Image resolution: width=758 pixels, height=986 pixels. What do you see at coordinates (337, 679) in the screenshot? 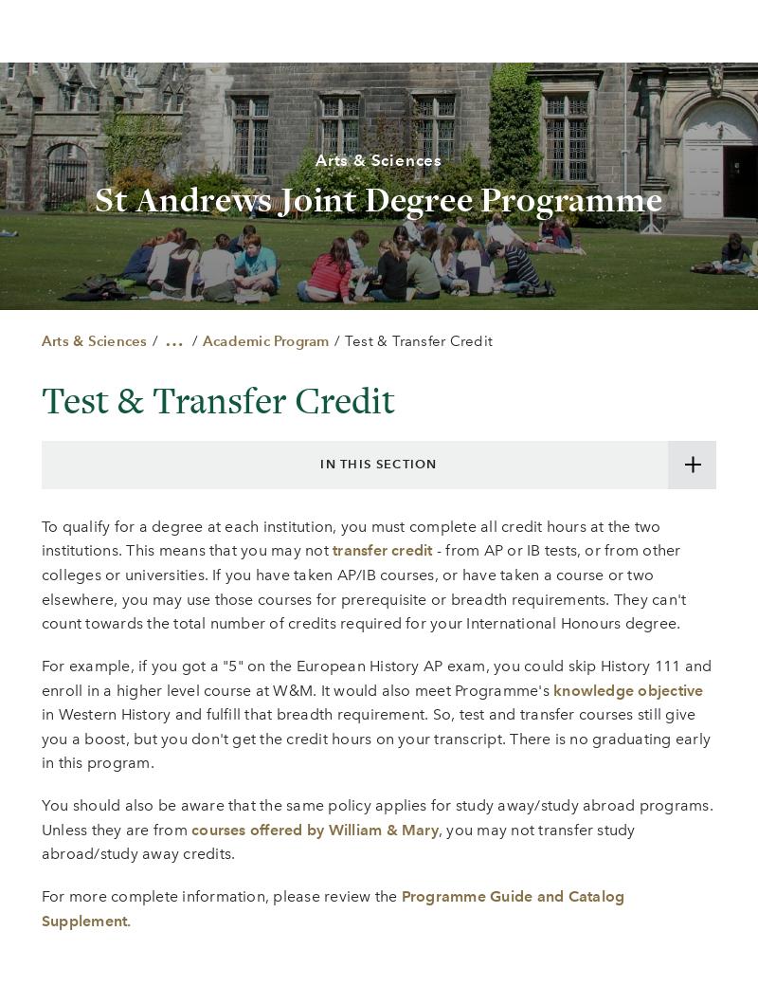
I see `'Social Stream'` at bounding box center [337, 679].